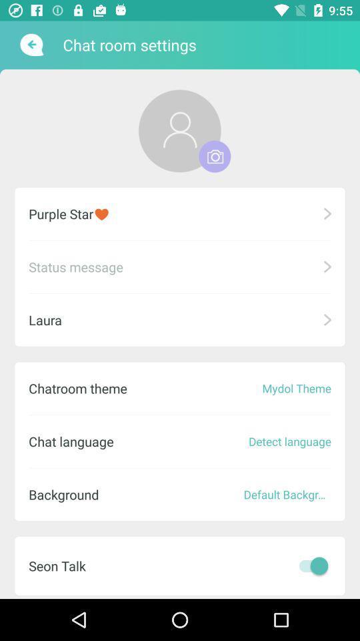 Image resolution: width=360 pixels, height=641 pixels. What do you see at coordinates (215, 156) in the screenshot?
I see `the photo icon` at bounding box center [215, 156].